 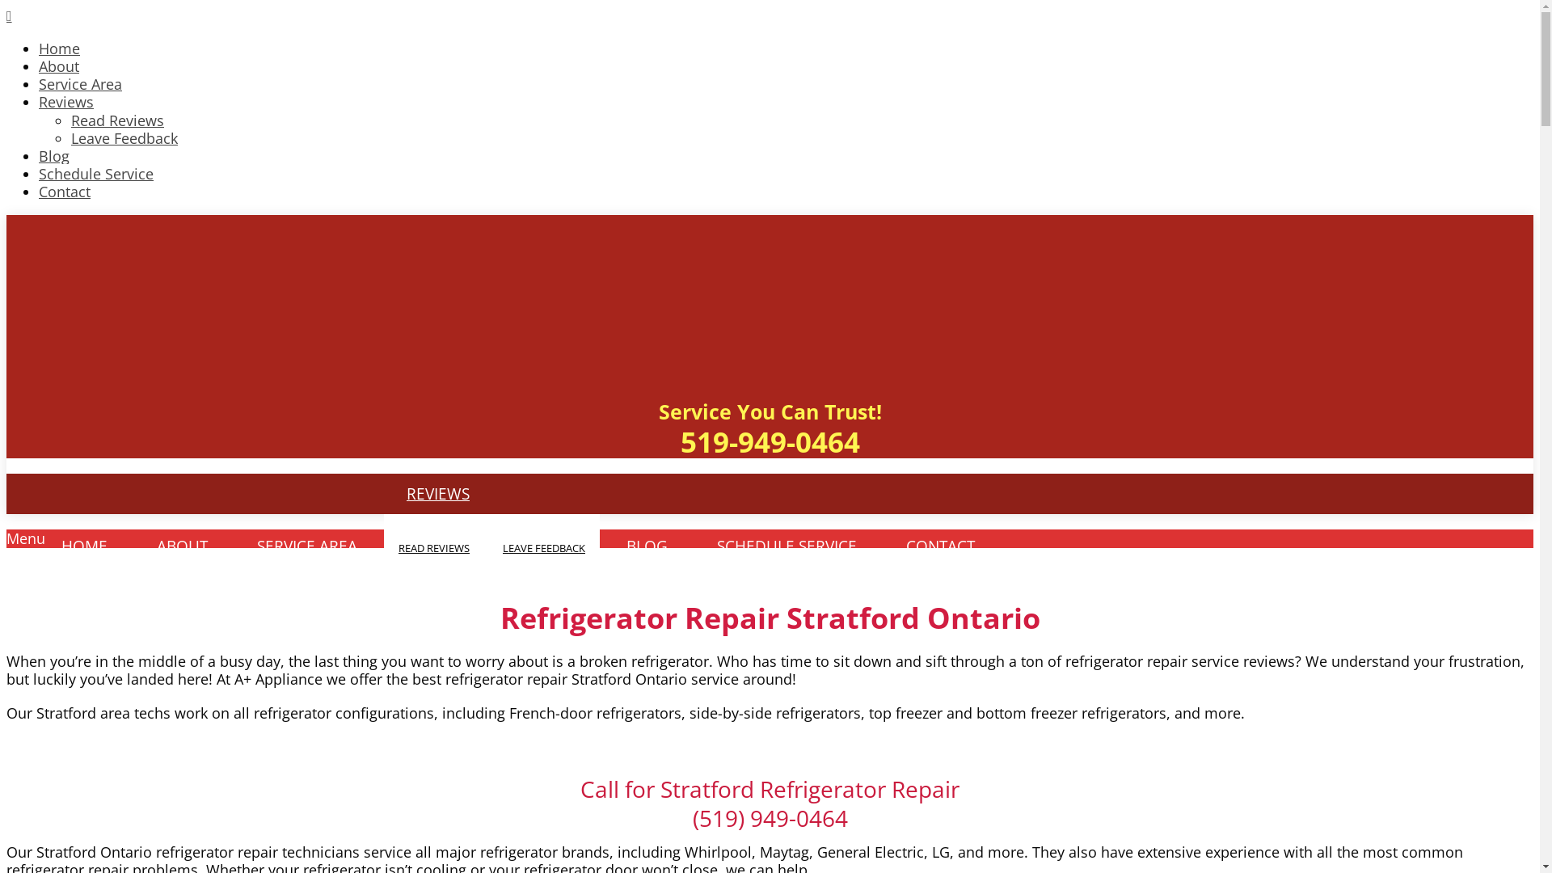 I want to click on 'REVIEWS', so click(x=438, y=492).